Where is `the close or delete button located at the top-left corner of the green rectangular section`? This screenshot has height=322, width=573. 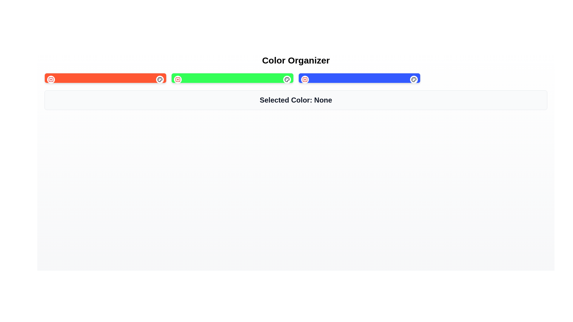 the close or delete button located at the top-left corner of the green rectangular section is located at coordinates (178, 79).